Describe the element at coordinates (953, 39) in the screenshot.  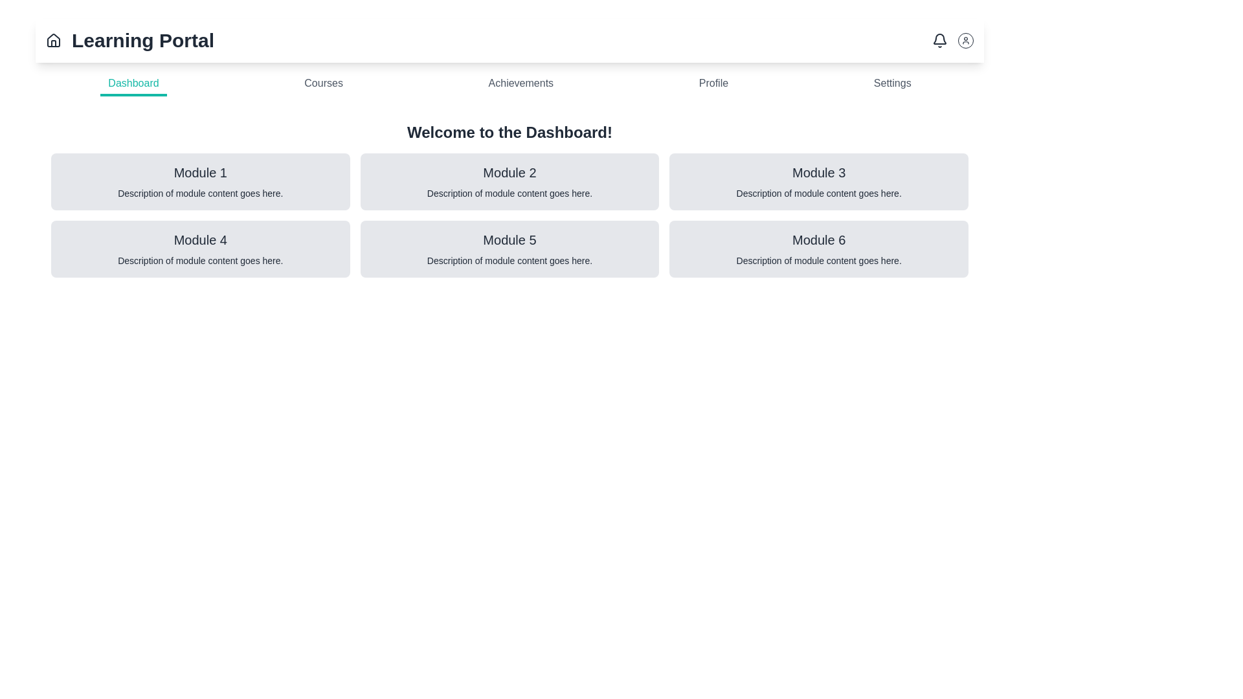
I see `the user avatar icon in the top-right corner of the interface` at that location.